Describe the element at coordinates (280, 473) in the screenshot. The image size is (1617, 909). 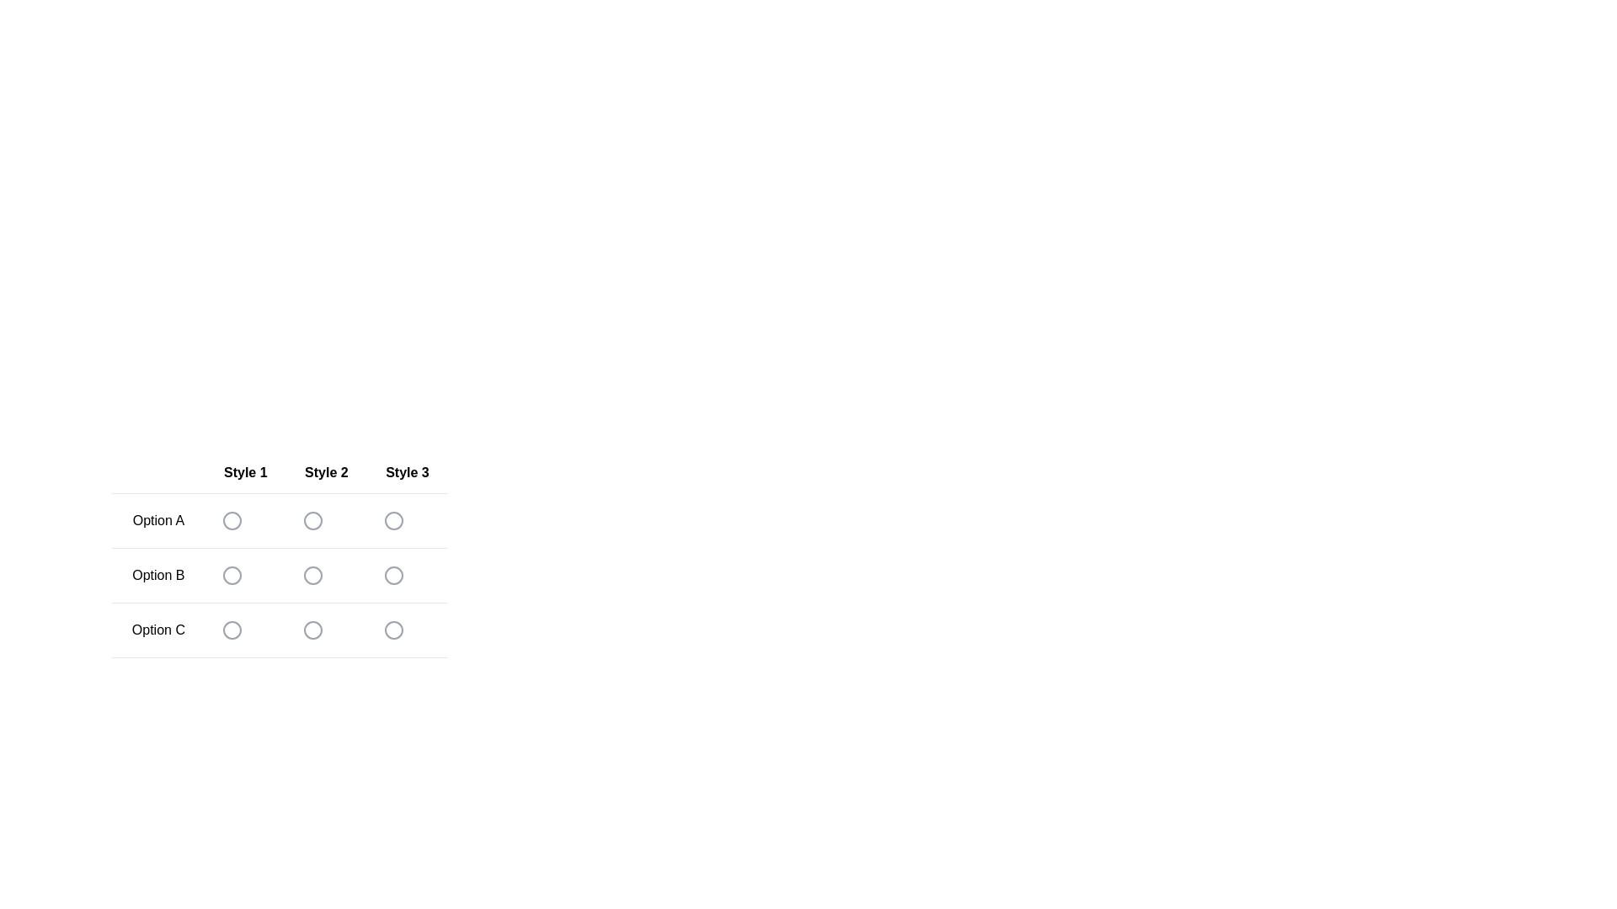
I see `the row header of the table, which includes 'Style 1', 'Style 2', and 'Style 3'` at that location.